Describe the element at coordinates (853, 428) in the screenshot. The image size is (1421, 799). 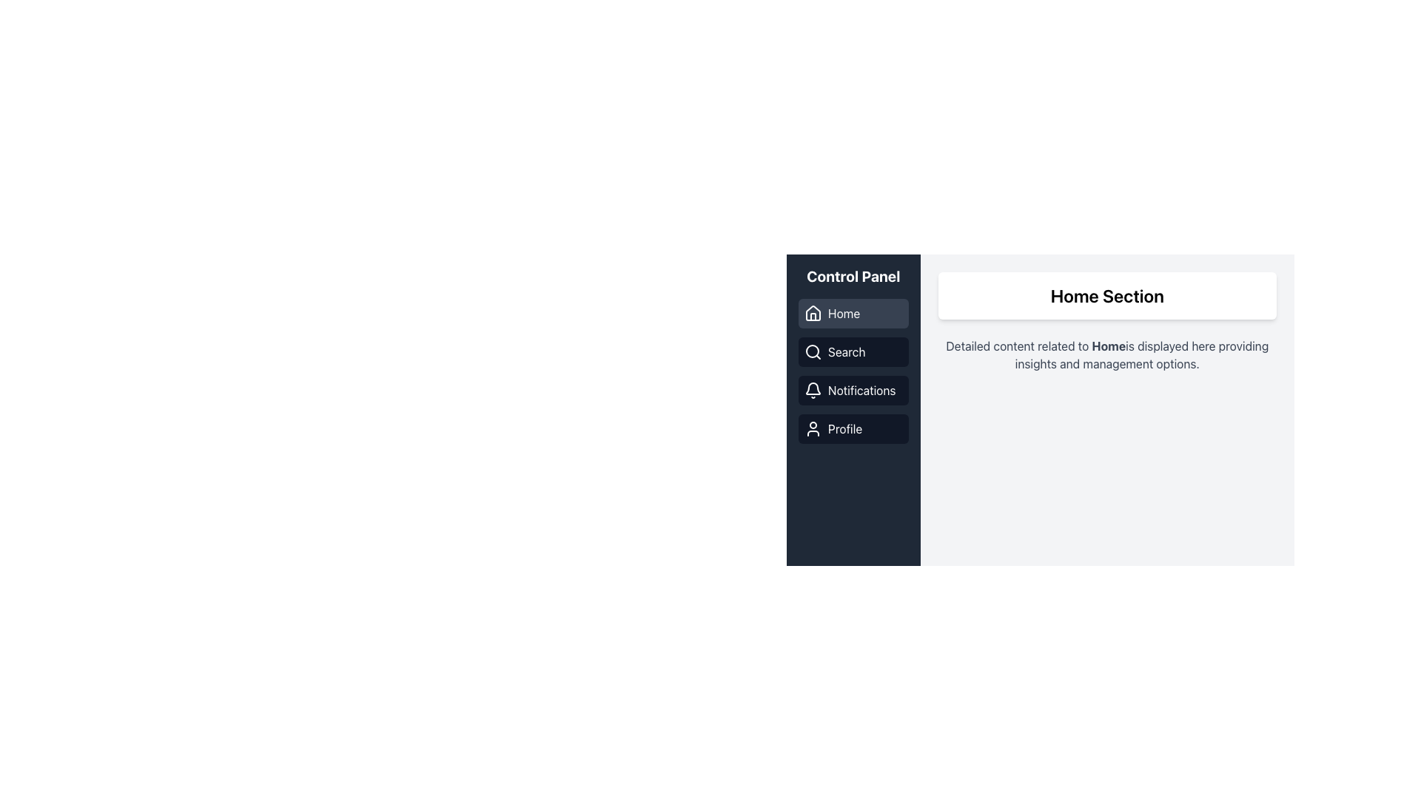
I see `the navigational button located as the fourth item in the vertical sidebar, below the 'Notifications' item` at that location.